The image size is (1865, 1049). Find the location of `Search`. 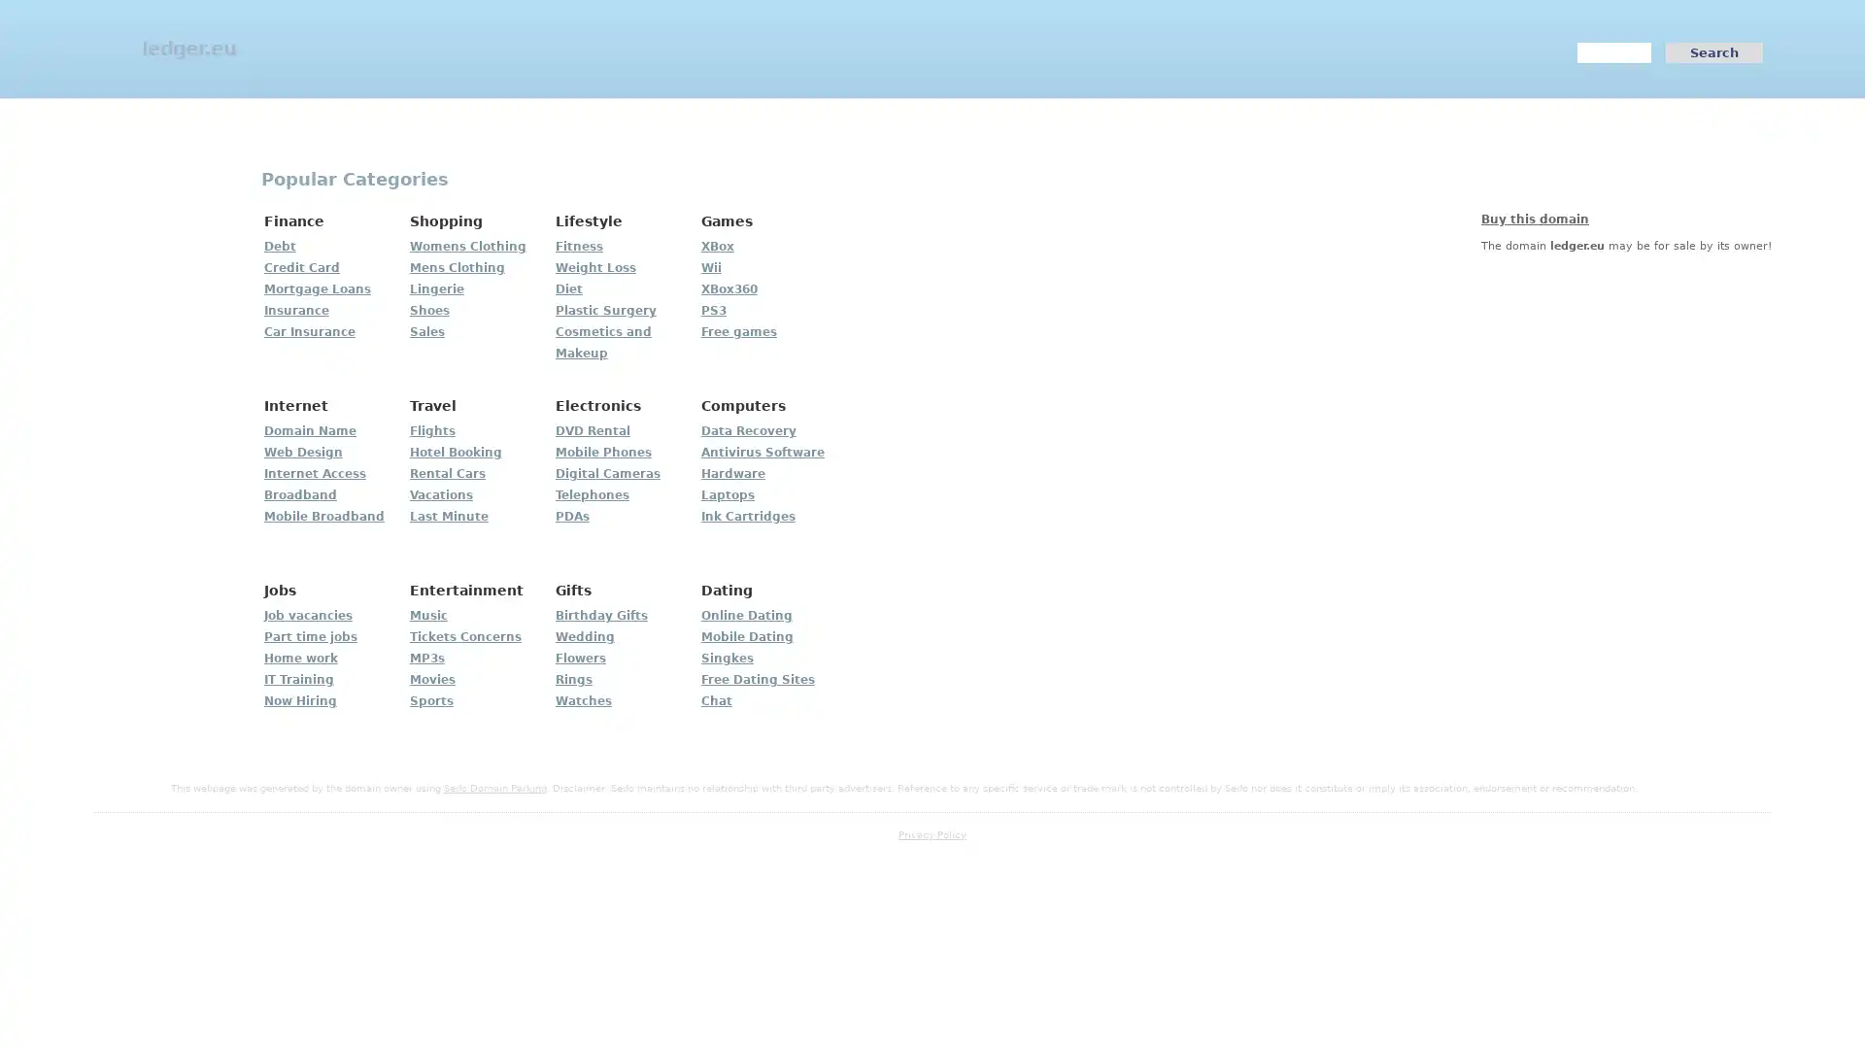

Search is located at coordinates (1714, 51).